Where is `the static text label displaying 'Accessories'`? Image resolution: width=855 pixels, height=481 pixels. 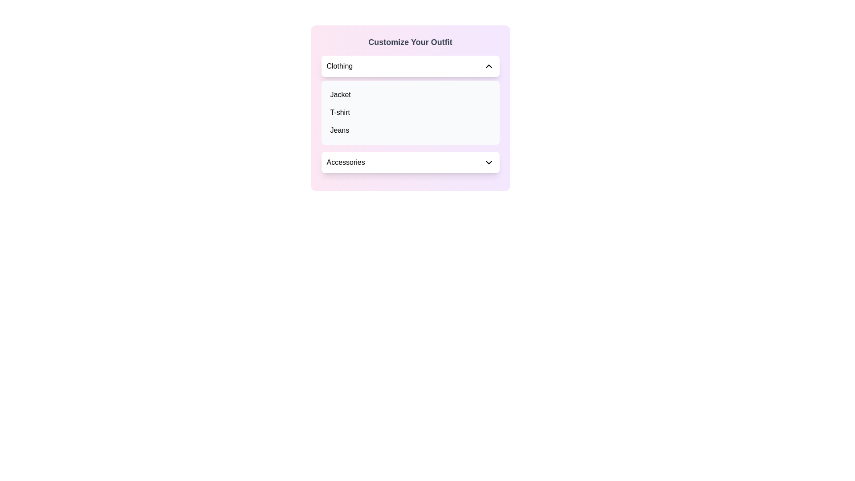 the static text label displaying 'Accessories' is located at coordinates (345, 163).